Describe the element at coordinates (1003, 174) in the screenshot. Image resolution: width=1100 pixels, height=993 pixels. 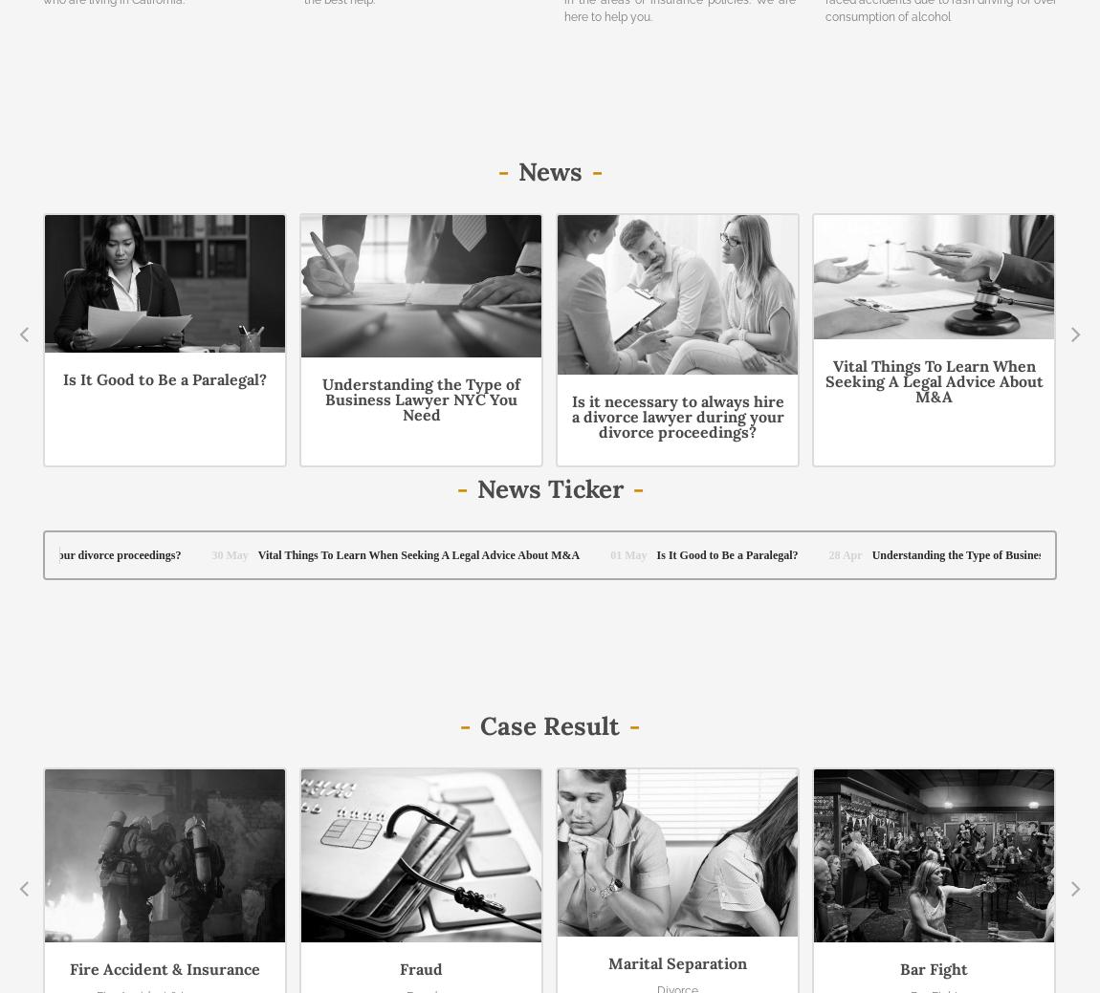
I see `'01 May'` at that location.